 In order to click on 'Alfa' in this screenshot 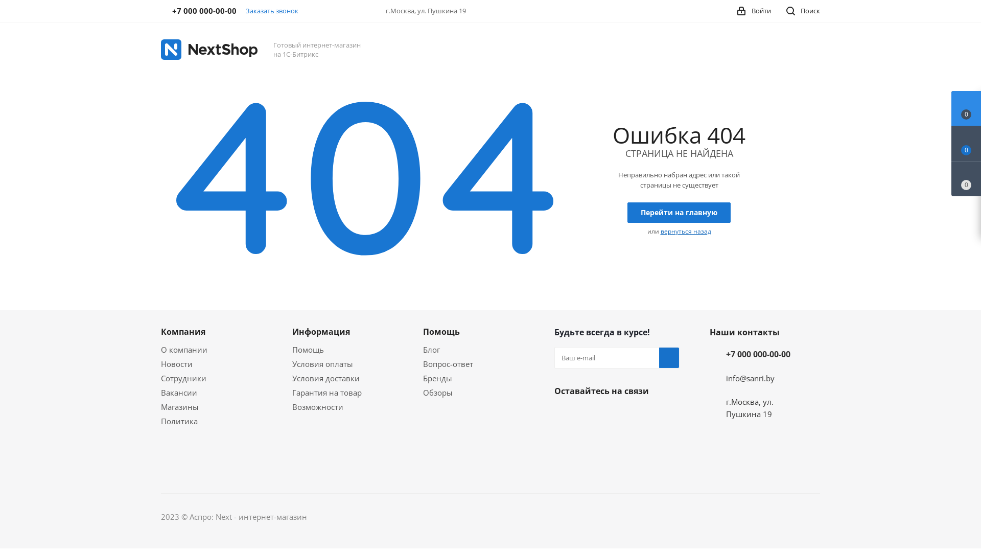, I will do `click(811, 517)`.